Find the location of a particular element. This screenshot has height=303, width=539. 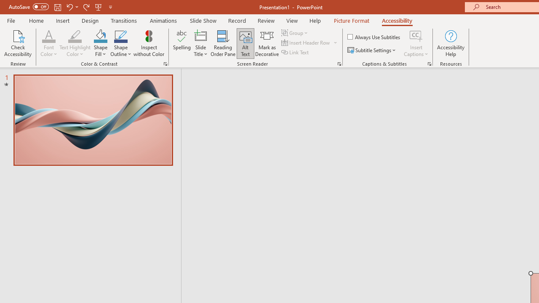

'Accessibility Help' is located at coordinates (450, 43).